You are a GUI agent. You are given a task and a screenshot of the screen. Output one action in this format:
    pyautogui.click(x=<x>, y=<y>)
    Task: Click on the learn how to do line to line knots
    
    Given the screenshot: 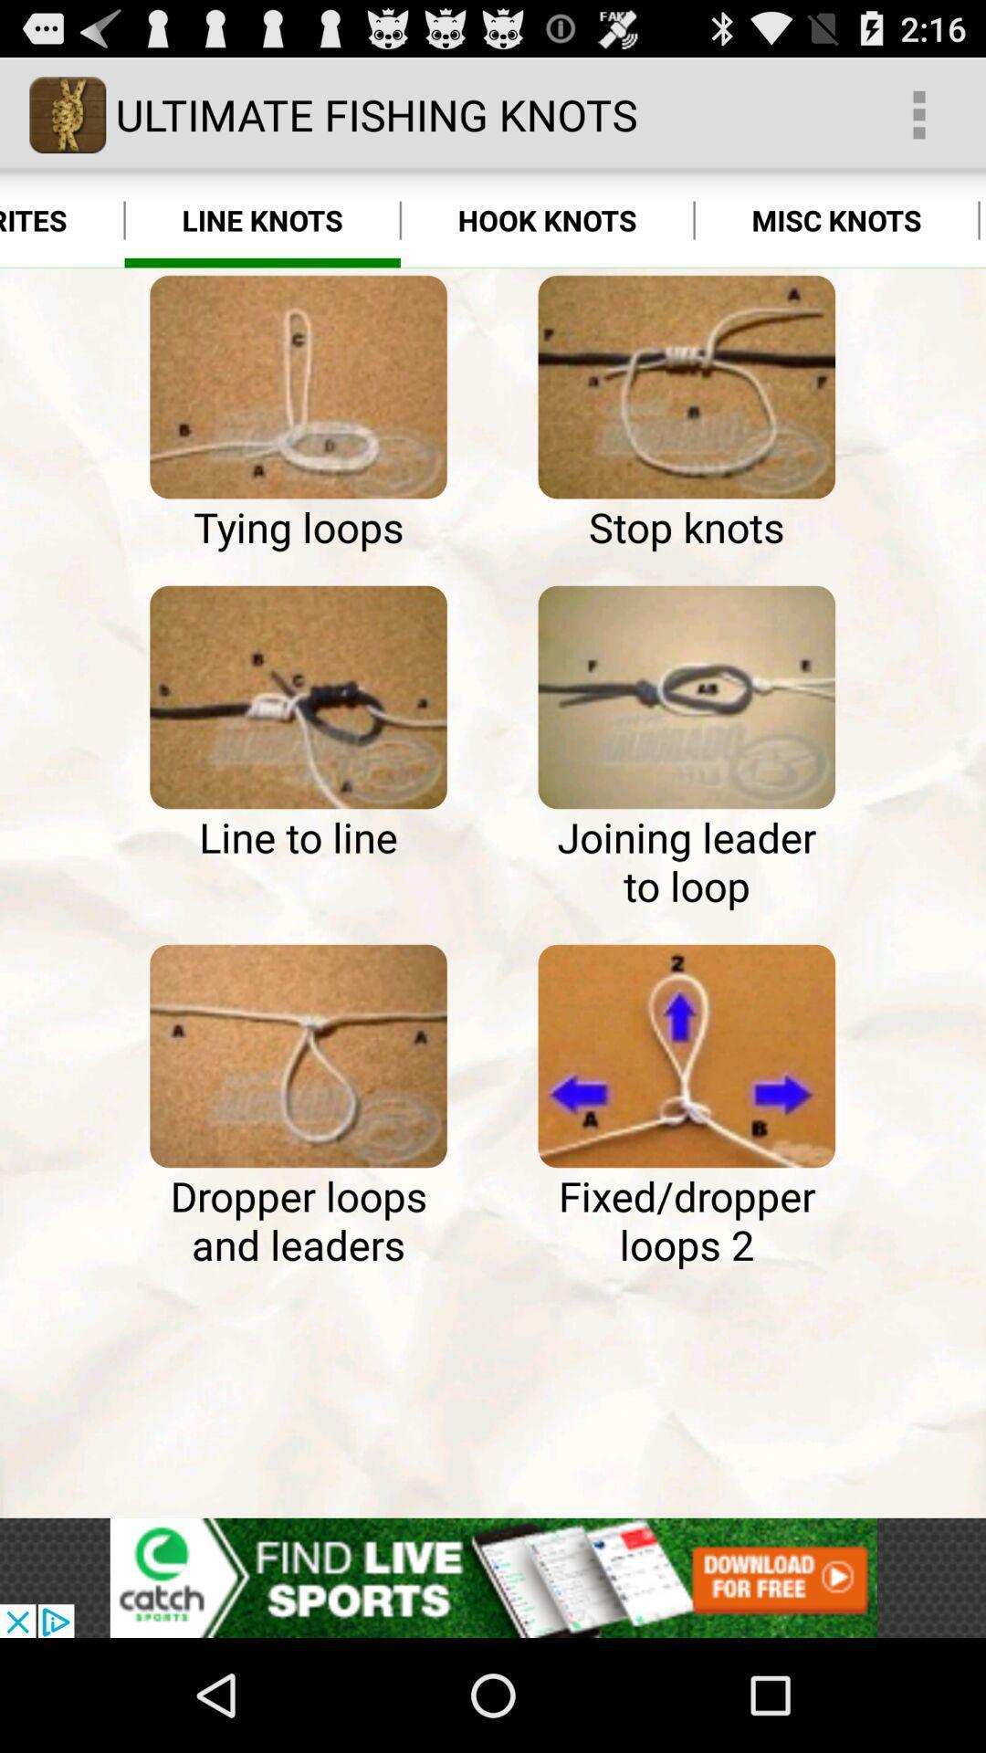 What is the action you would take?
    pyautogui.click(x=298, y=696)
    